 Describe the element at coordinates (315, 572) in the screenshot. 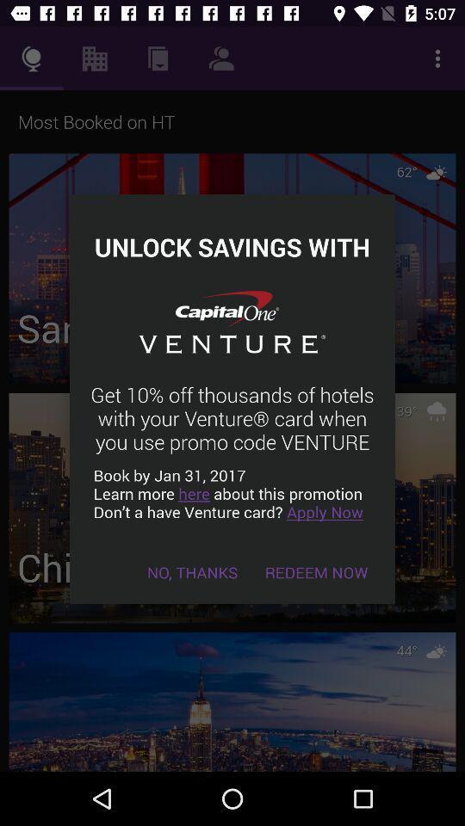

I see `the redeem now at the bottom right corner` at that location.